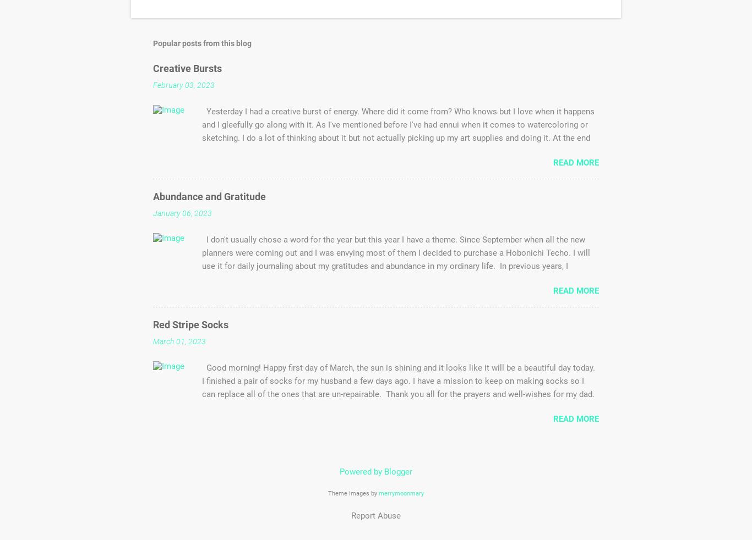 Image resolution: width=752 pixels, height=540 pixels. What do you see at coordinates (379, 493) in the screenshot?
I see `'merrymoonmary'` at bounding box center [379, 493].